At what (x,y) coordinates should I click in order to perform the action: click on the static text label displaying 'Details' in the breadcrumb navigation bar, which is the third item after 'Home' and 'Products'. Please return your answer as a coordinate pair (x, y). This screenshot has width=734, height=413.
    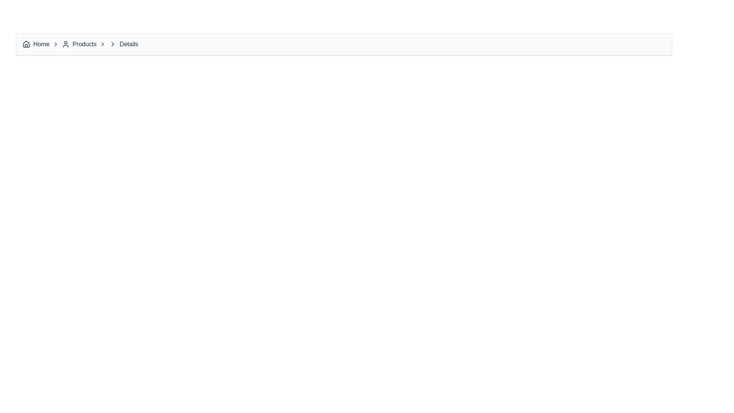
    Looking at the image, I should click on (123, 44).